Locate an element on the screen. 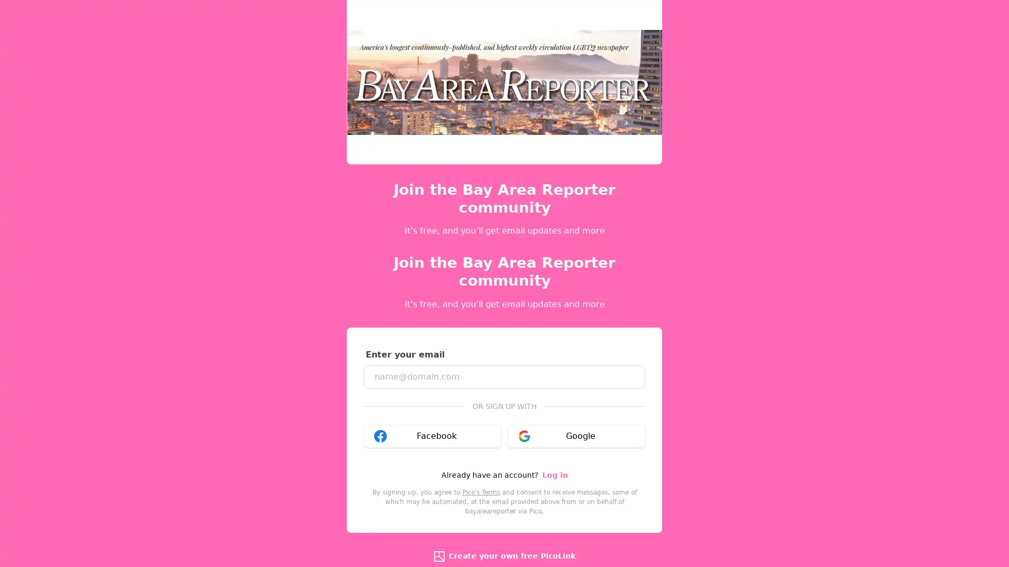  Sign up is located at coordinates (504, 474).